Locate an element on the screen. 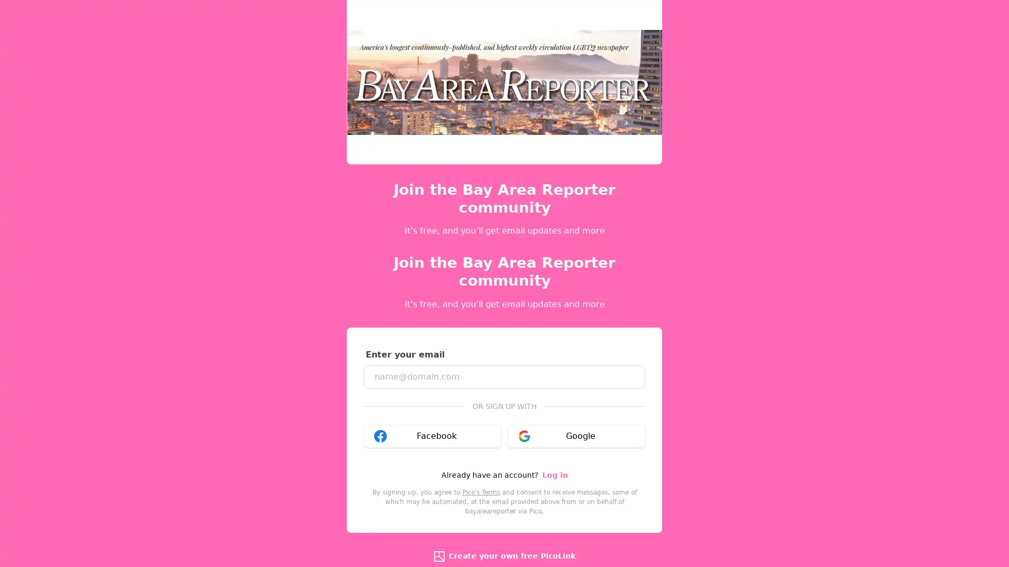  Sign up is located at coordinates (504, 474).